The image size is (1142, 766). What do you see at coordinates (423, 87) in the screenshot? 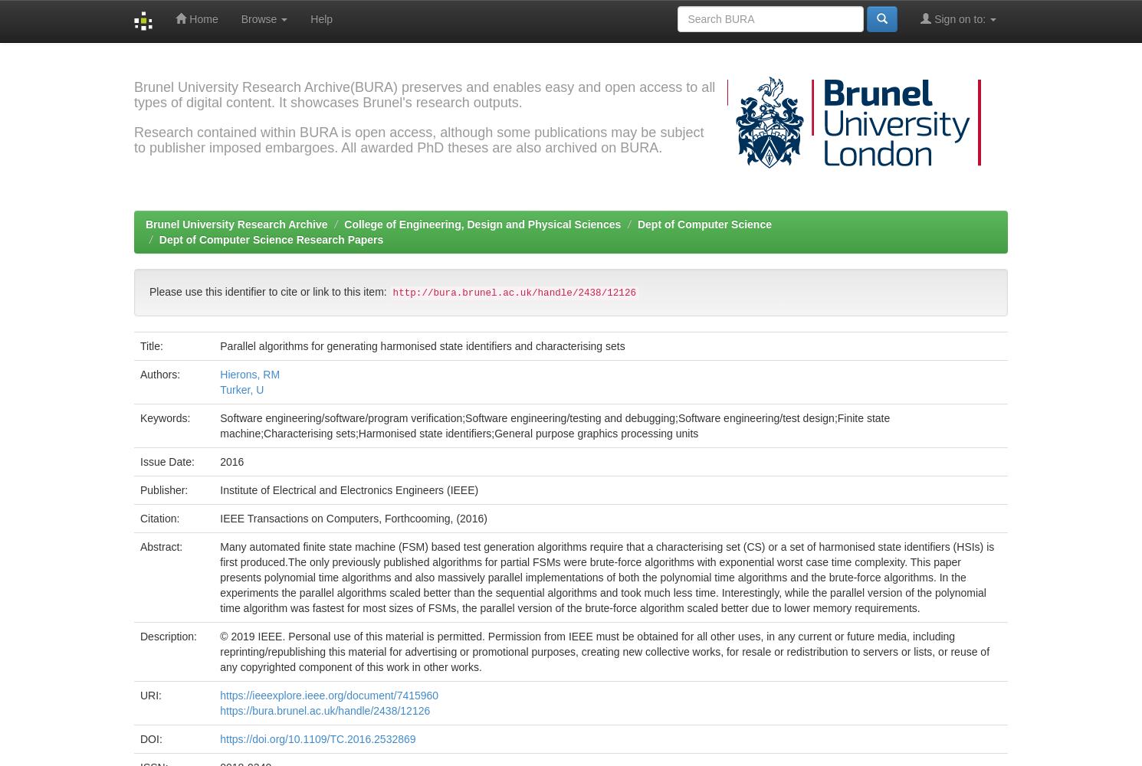
I see `'Brunel University Research Archive(BURA) preserves and enables easy and open access to all'` at bounding box center [423, 87].